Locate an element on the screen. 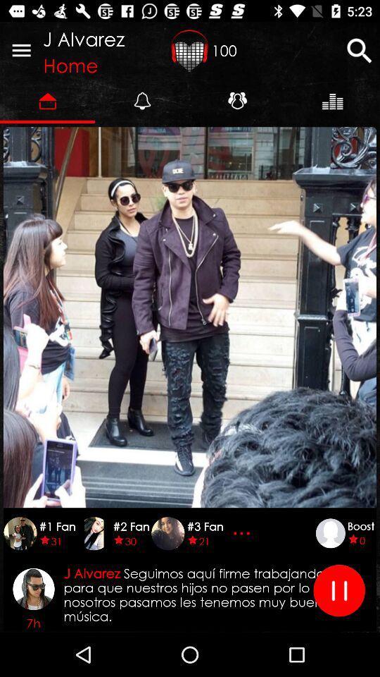 The height and width of the screenshot is (677, 380). search for music is located at coordinates (359, 50).